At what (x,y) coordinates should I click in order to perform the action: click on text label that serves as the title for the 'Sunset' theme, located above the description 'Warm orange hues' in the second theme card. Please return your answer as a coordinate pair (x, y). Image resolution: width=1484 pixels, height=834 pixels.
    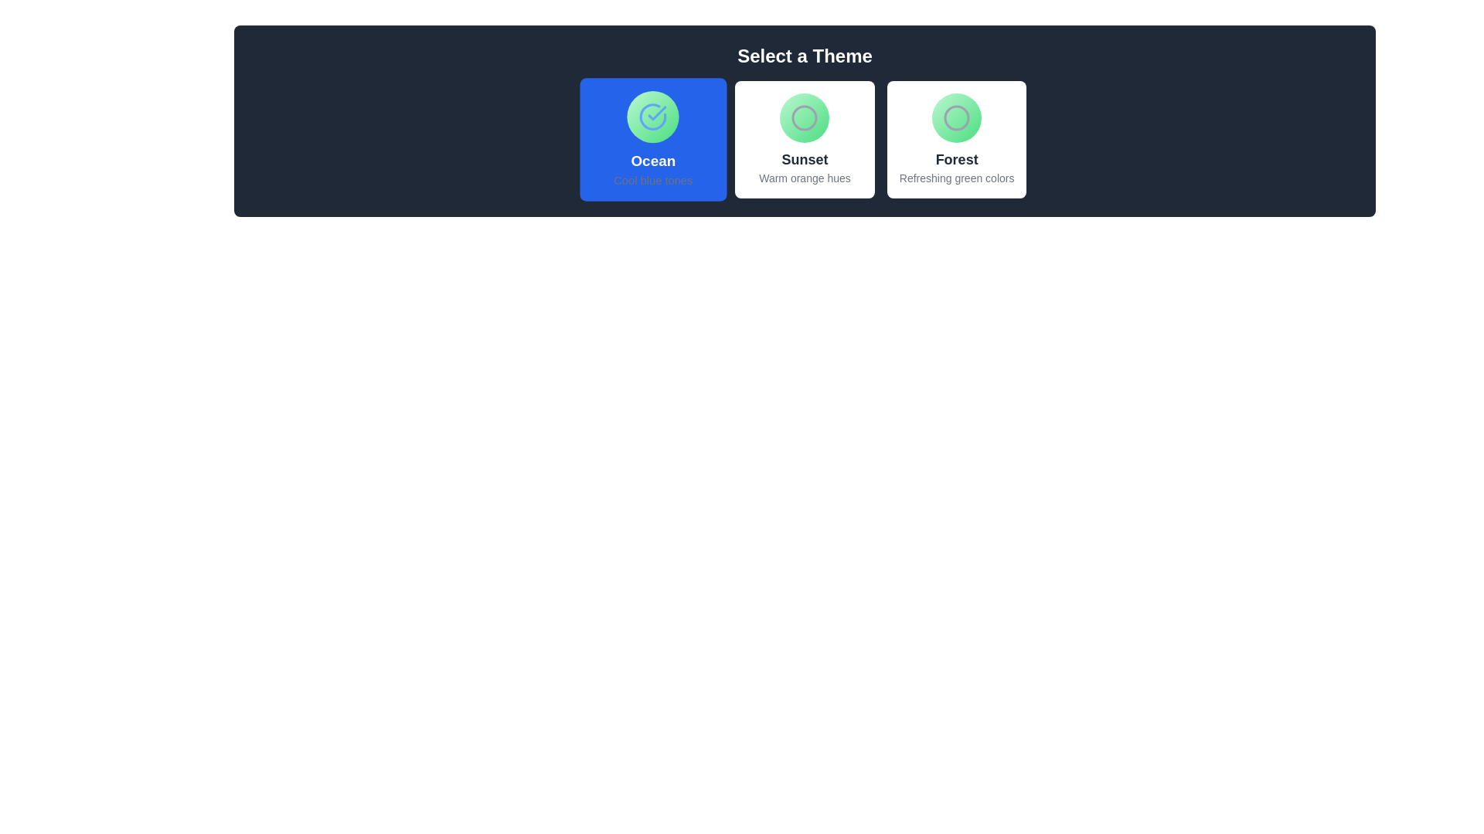
    Looking at the image, I should click on (804, 160).